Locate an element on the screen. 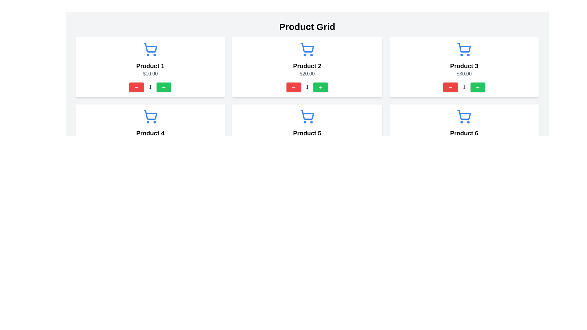  the non-interactive text label that displays the current quantity of the associated product for 'Product 2', located in the second column of the top row of the product grid is located at coordinates (307, 87).